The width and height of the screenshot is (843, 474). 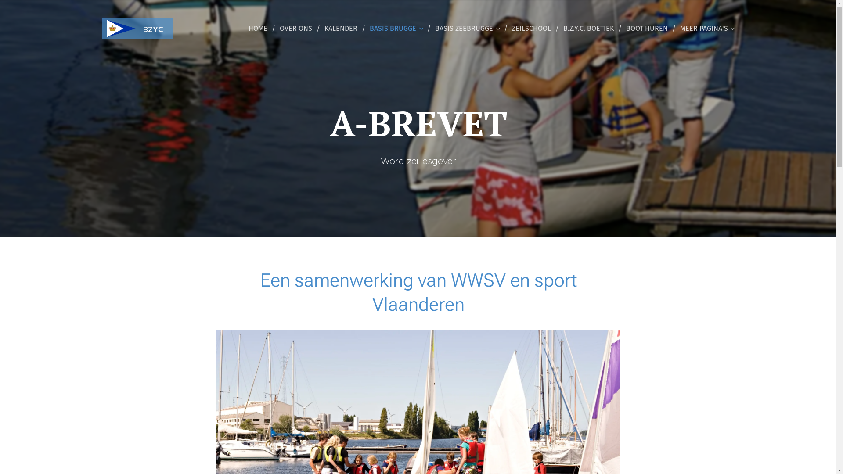 I want to click on 'HOME', so click(x=260, y=28).